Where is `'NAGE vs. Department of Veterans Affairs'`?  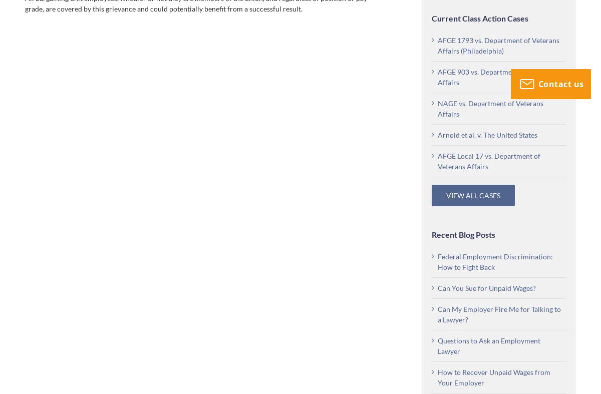
'NAGE vs. Department of Veterans Affairs' is located at coordinates (437, 108).